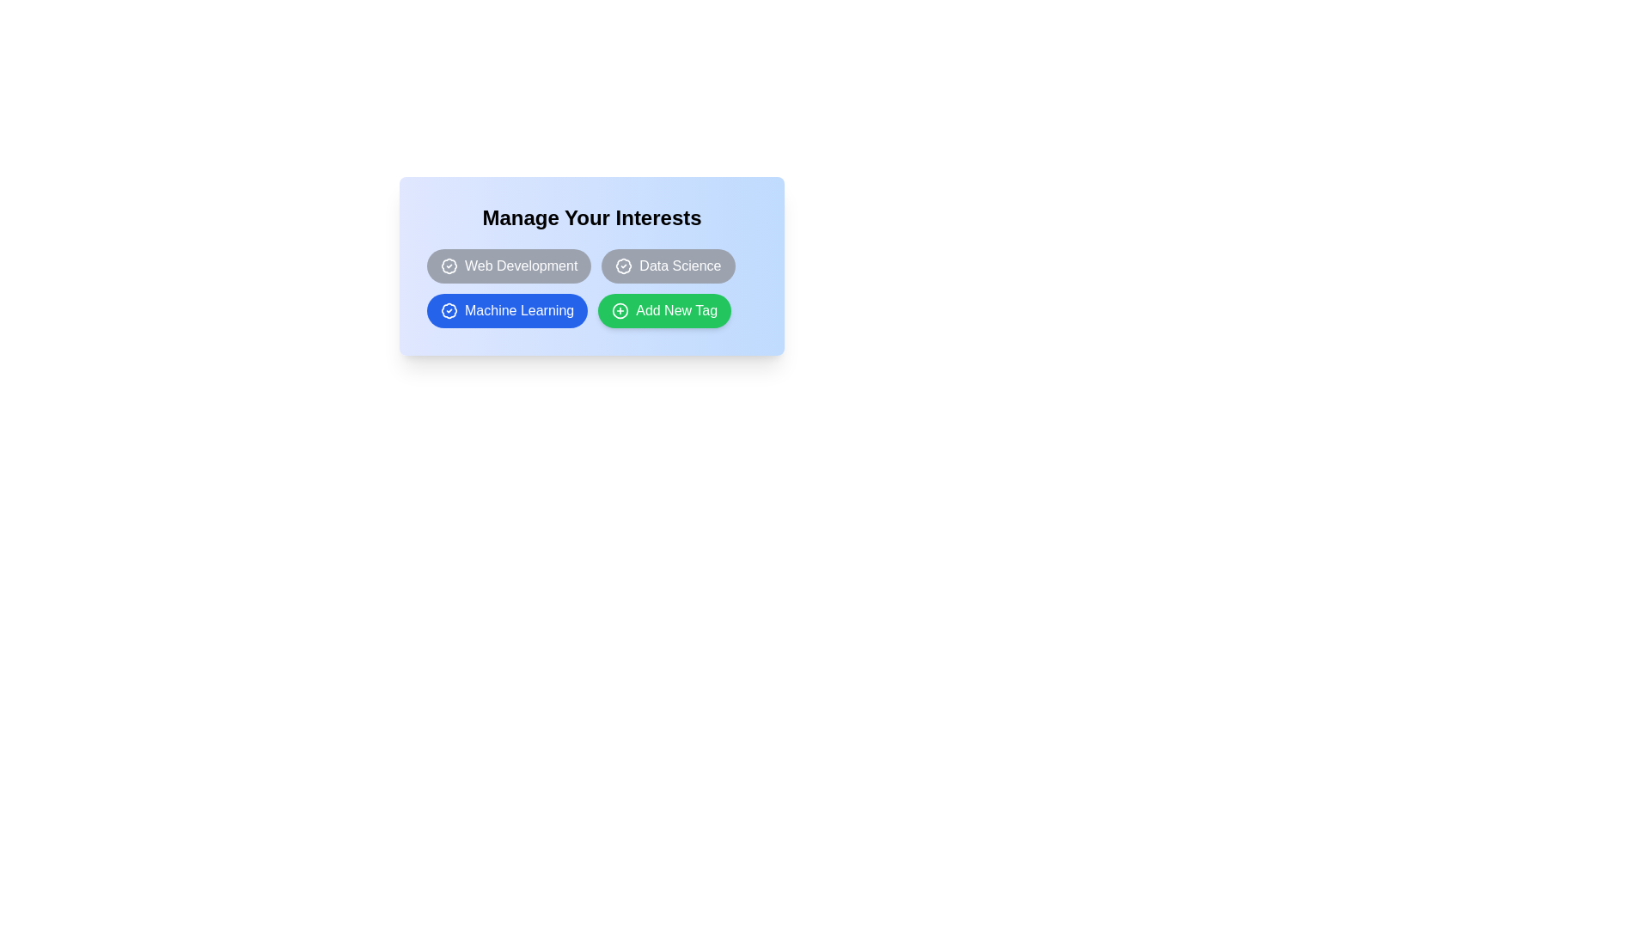  I want to click on the 'Add New Tag' button to add a new tag to the list, so click(663, 311).